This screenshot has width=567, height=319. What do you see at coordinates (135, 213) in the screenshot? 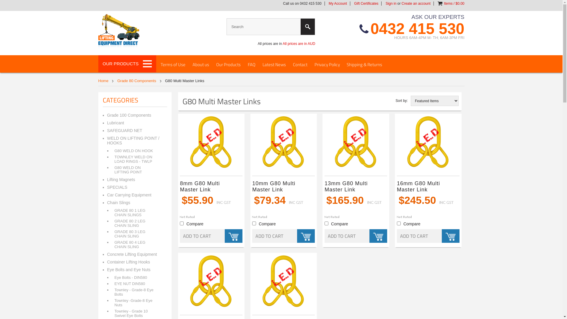
I see `'GRADE 80 1 LEG CHAIN SLINGS'` at bounding box center [135, 213].